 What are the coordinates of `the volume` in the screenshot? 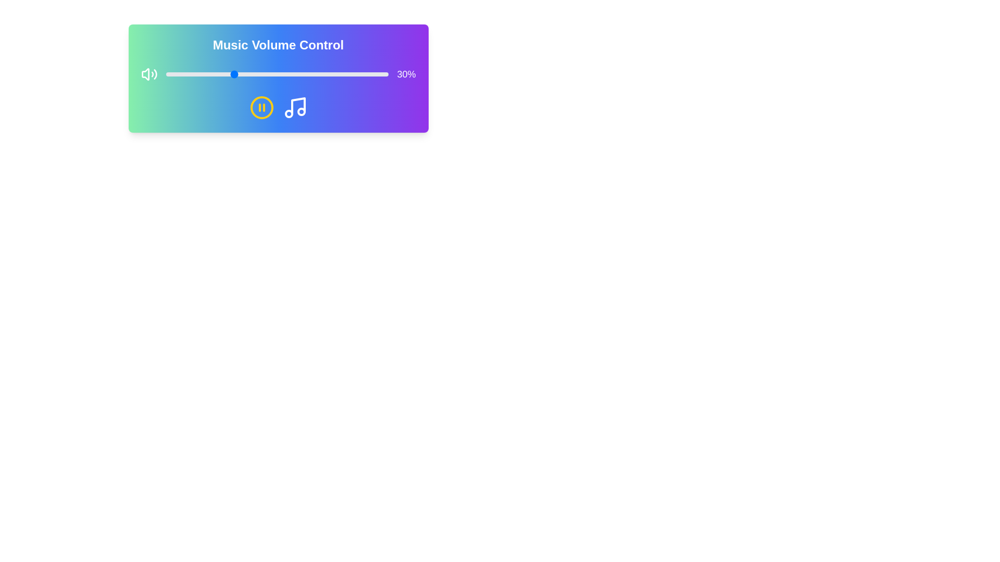 It's located at (253, 73).